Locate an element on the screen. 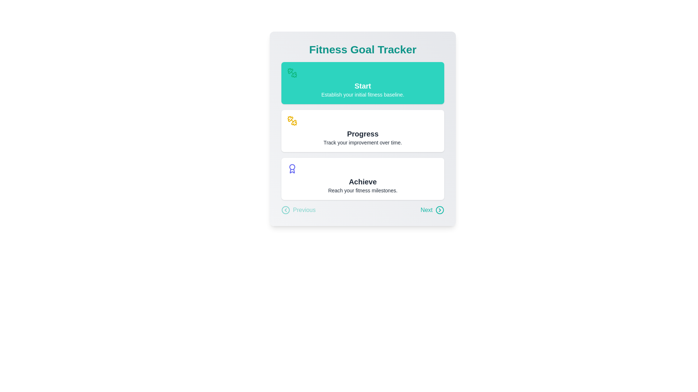  the navigation bar located at the bottom of the card-like layout to receive visual feedback on the 'Previous' and 'Next' buttons is located at coordinates (363, 210).